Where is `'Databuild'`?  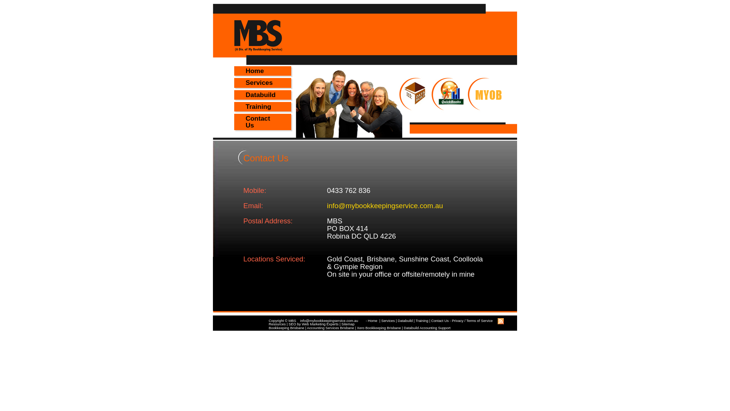 'Databuild' is located at coordinates (263, 94).